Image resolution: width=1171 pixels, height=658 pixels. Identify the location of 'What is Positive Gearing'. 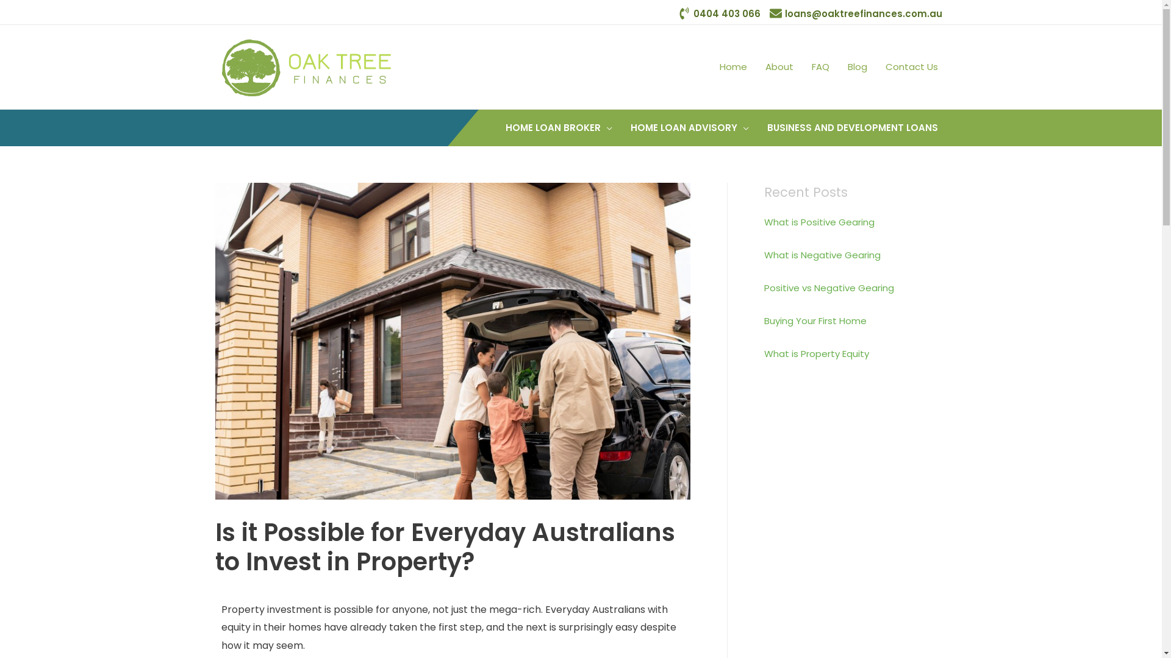
(818, 222).